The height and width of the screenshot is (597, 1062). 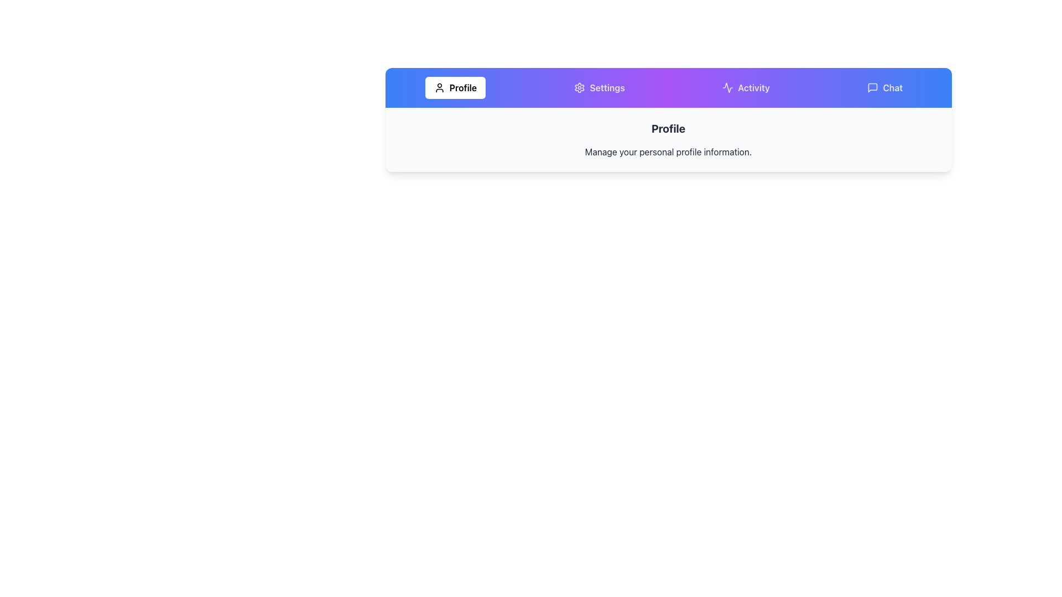 What do you see at coordinates (579, 87) in the screenshot?
I see `the circular gear-like icon with intricate notches, which is a purple settings icon located directly to the left of the 'Settings' text in the navigation bar` at bounding box center [579, 87].